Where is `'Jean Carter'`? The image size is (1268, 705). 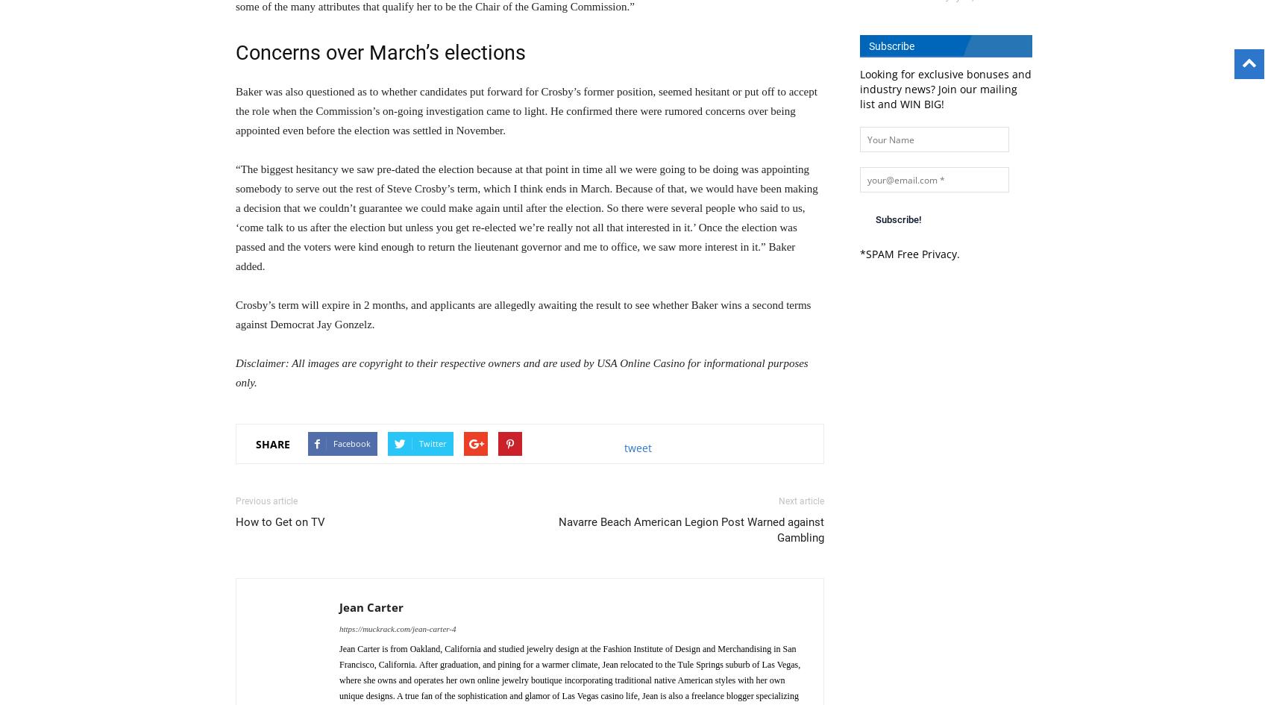 'Jean Carter' is located at coordinates (339, 607).